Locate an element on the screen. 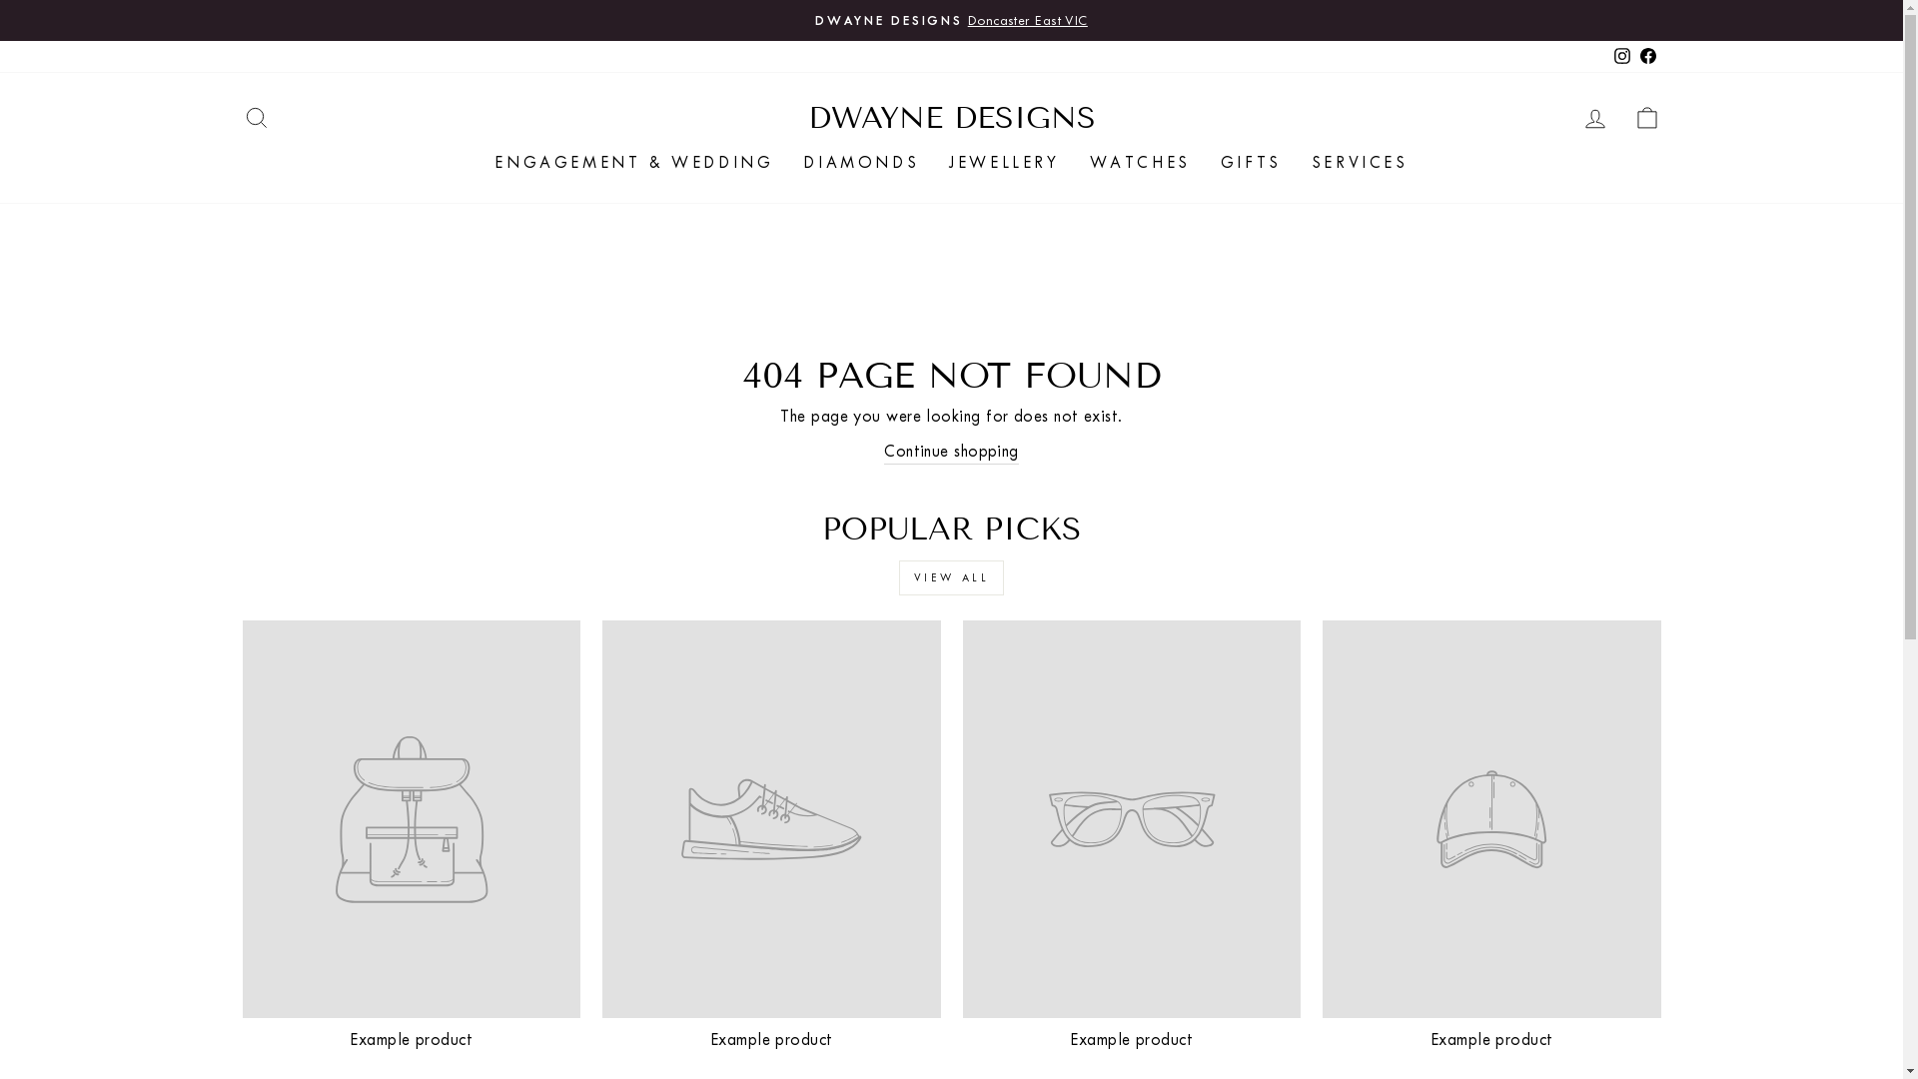 The height and width of the screenshot is (1079, 1918). 'Continue shopping' is located at coordinates (882, 451).